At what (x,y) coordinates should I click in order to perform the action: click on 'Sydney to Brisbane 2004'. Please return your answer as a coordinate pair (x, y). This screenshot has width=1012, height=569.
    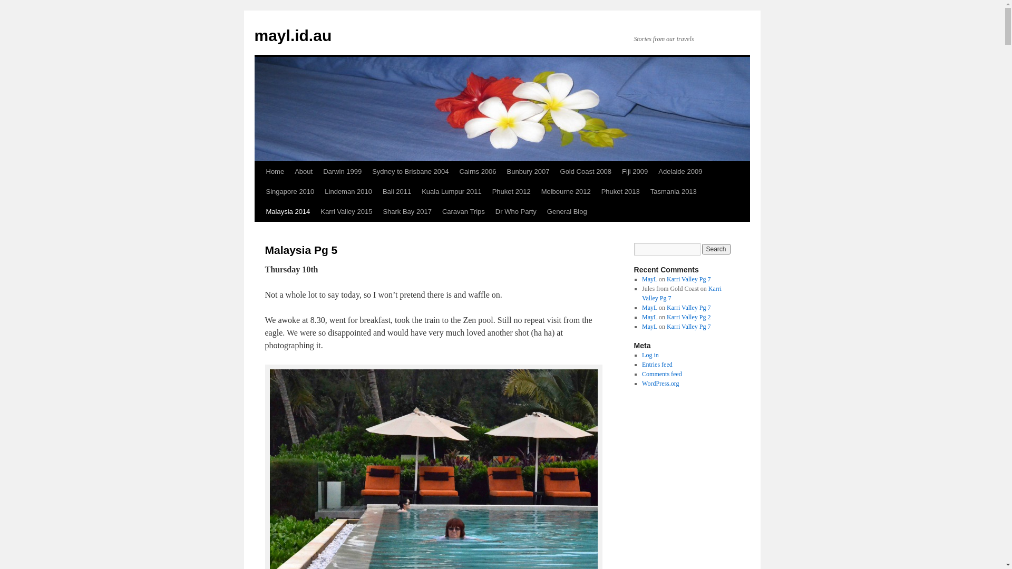
    Looking at the image, I should click on (410, 171).